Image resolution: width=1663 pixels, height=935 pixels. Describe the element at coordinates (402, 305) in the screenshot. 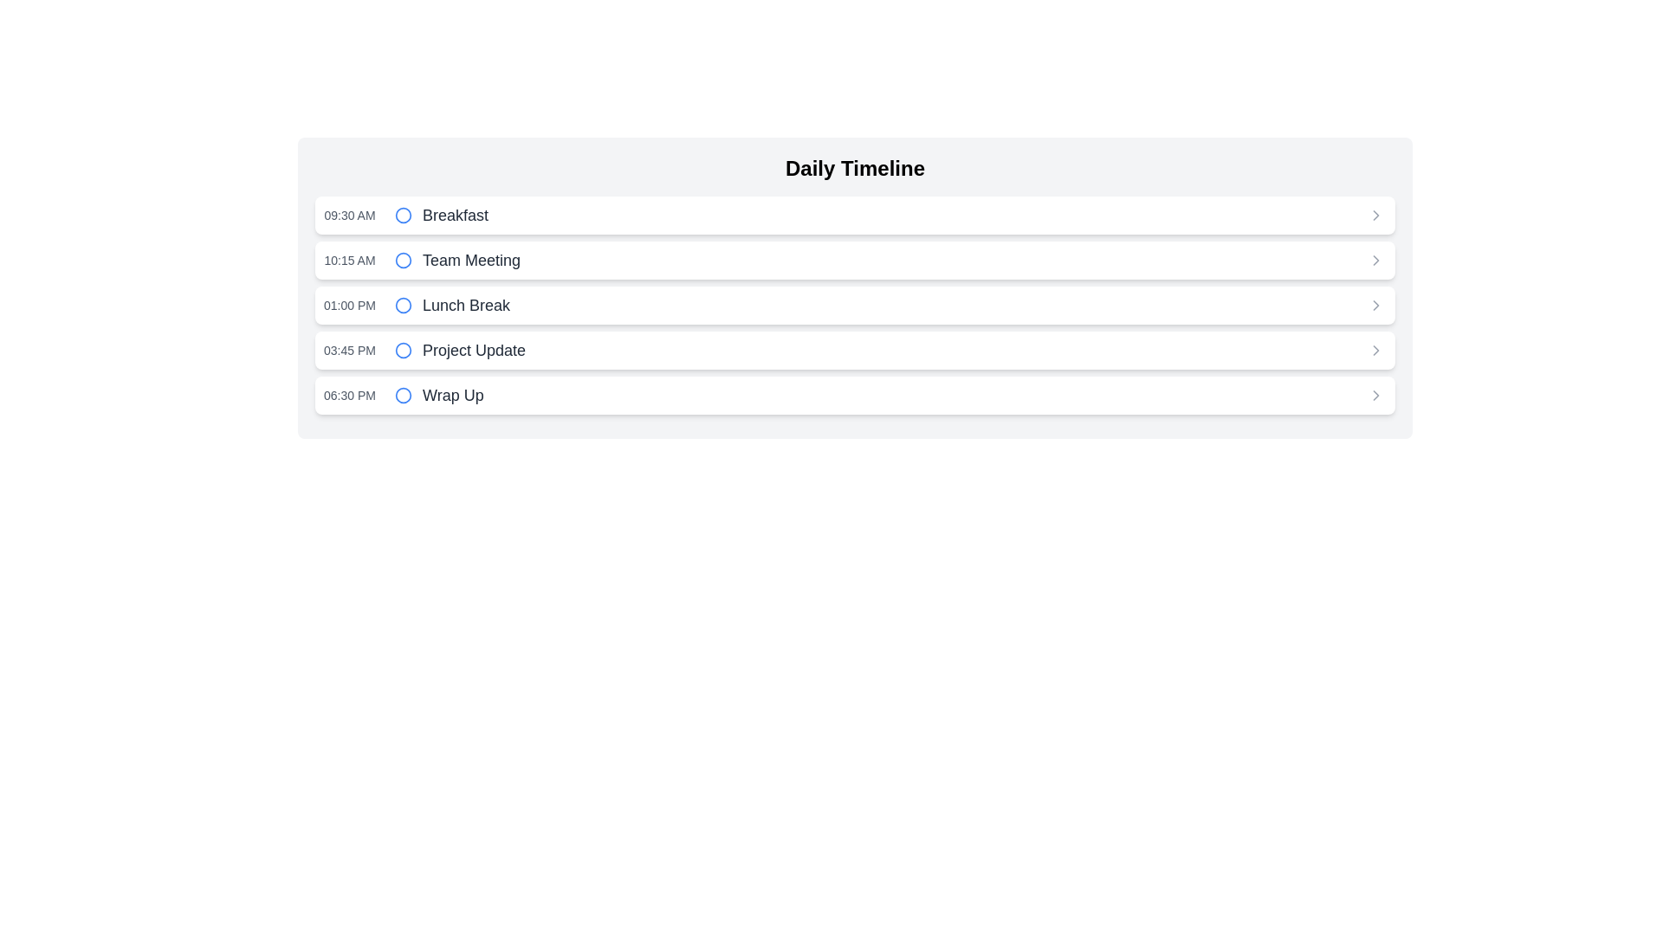

I see `the circular icon with a blue border located to the left of the 'Lunch Break' text label` at that location.